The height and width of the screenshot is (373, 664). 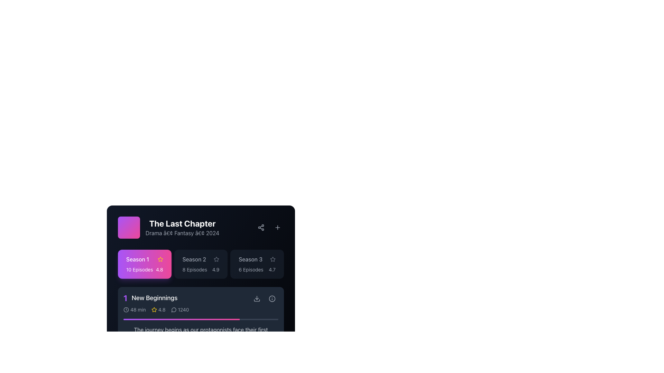 I want to click on the Share button located at the top-right corner of the card for 'The Last Chapter' series, so click(x=260, y=228).